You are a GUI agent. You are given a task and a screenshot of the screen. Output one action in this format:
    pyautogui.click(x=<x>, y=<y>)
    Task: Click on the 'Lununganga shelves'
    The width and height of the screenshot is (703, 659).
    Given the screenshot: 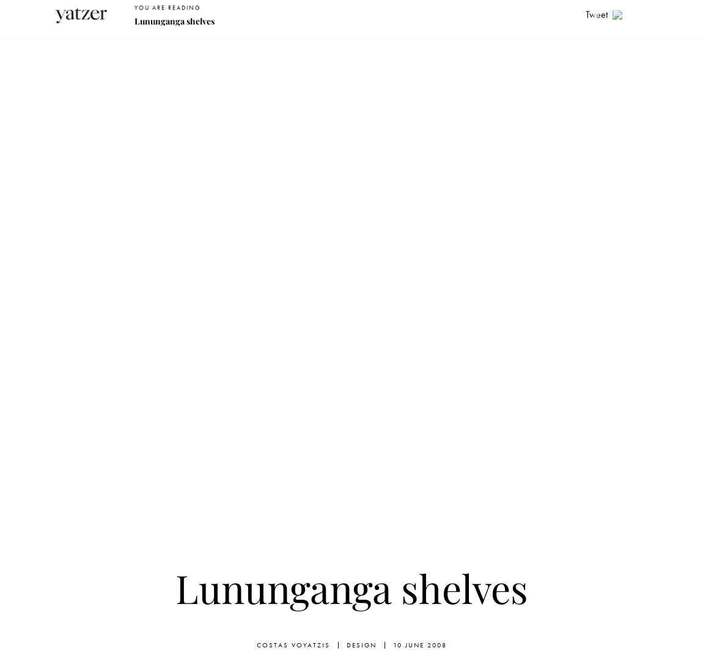 What is the action you would take?
    pyautogui.click(x=351, y=587)
    